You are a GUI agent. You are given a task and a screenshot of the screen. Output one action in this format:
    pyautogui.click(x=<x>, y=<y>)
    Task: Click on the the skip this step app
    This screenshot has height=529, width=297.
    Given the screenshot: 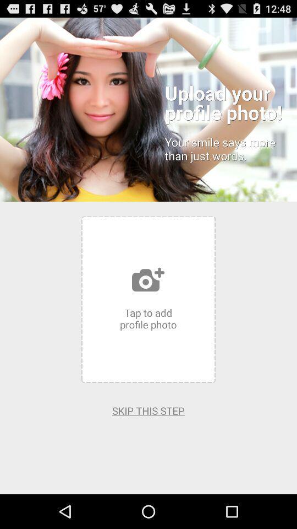 What is the action you would take?
    pyautogui.click(x=148, y=410)
    